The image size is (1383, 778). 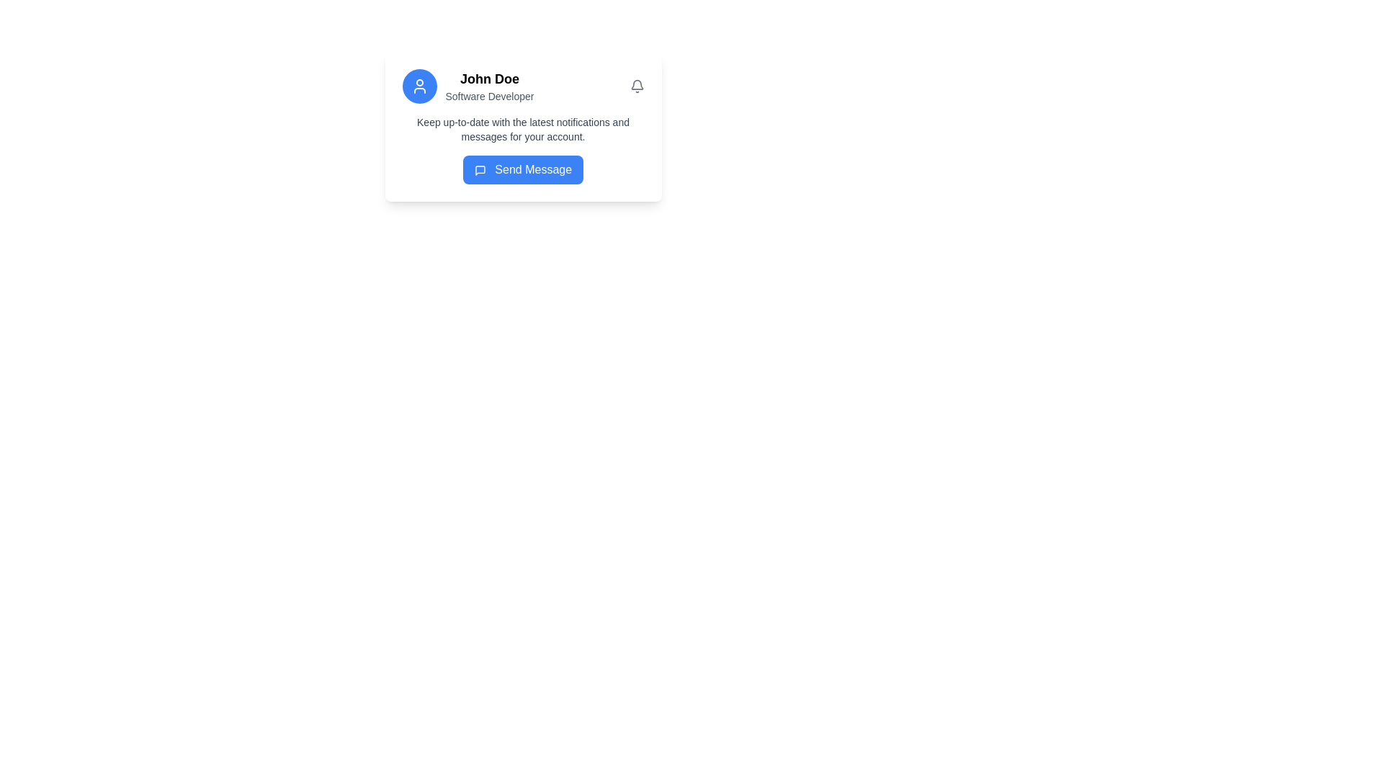 I want to click on the 'Send Message' button located below the descriptive text stating, 'Keep up-to-date with the latest notifications and messages for your account.', so click(x=522, y=150).